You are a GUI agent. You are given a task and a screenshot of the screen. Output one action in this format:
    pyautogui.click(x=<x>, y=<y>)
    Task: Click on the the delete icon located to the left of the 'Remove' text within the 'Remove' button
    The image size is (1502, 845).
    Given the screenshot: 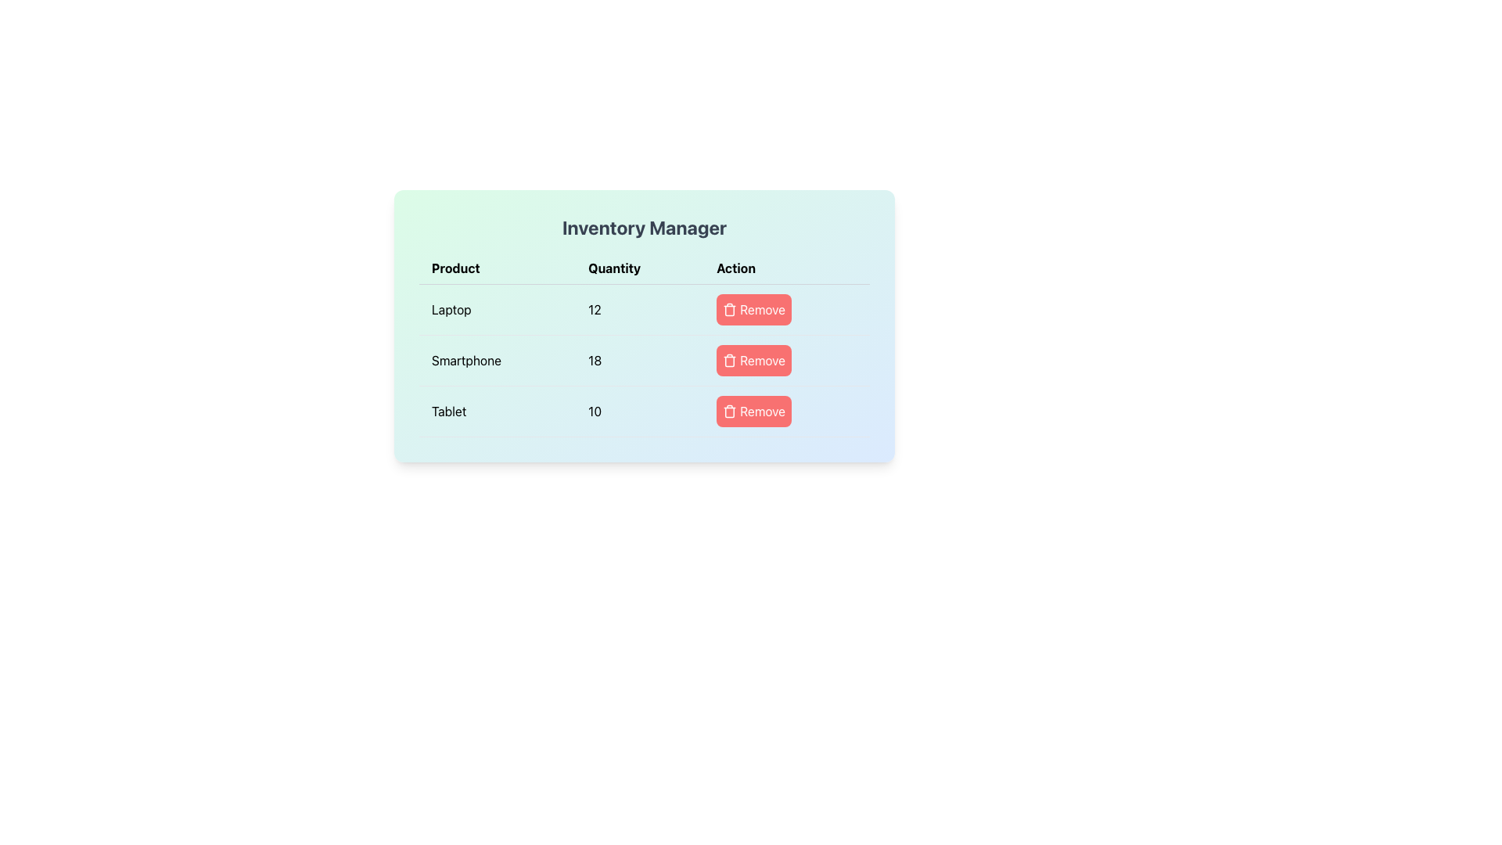 What is the action you would take?
    pyautogui.click(x=729, y=410)
    